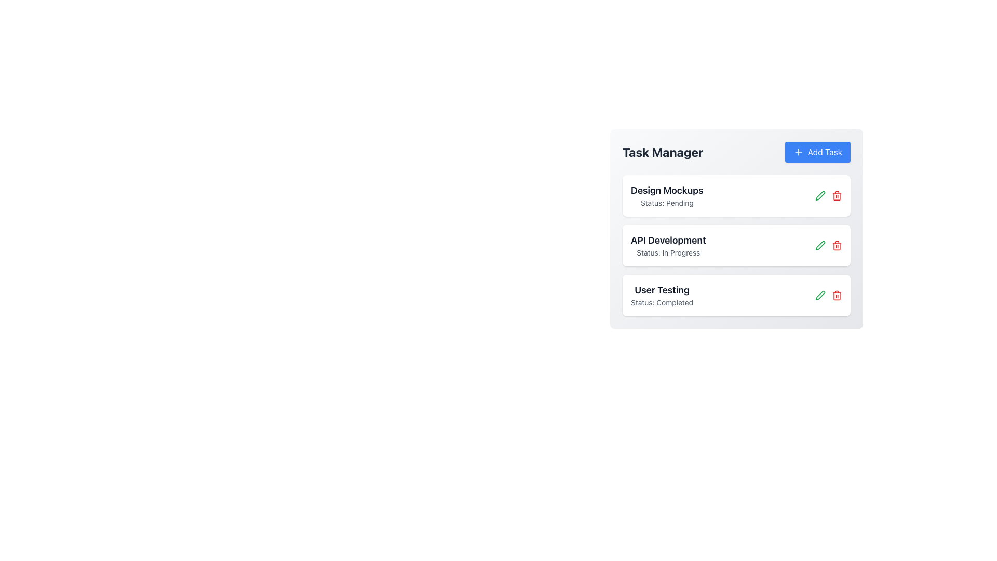 The width and height of the screenshot is (997, 561). What do you see at coordinates (819, 245) in the screenshot?
I see `the green fountain pen nib icon button located in the second task row labeled 'API Development' to initiate editing of the task` at bounding box center [819, 245].